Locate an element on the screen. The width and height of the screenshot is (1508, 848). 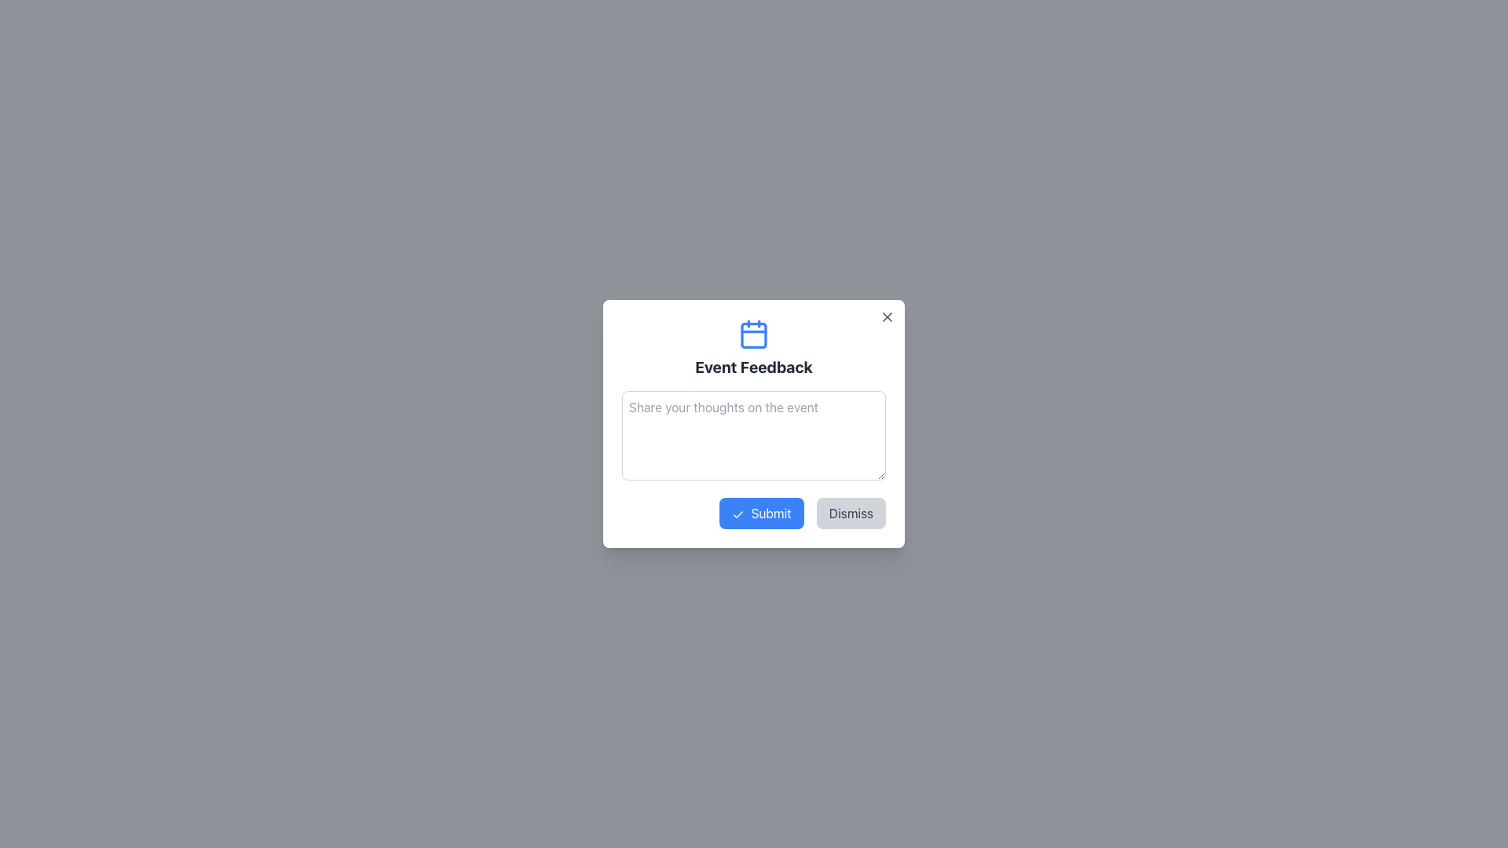
the close button located in the top-right corner of the 'Event Feedback' modal is located at coordinates (887, 317).